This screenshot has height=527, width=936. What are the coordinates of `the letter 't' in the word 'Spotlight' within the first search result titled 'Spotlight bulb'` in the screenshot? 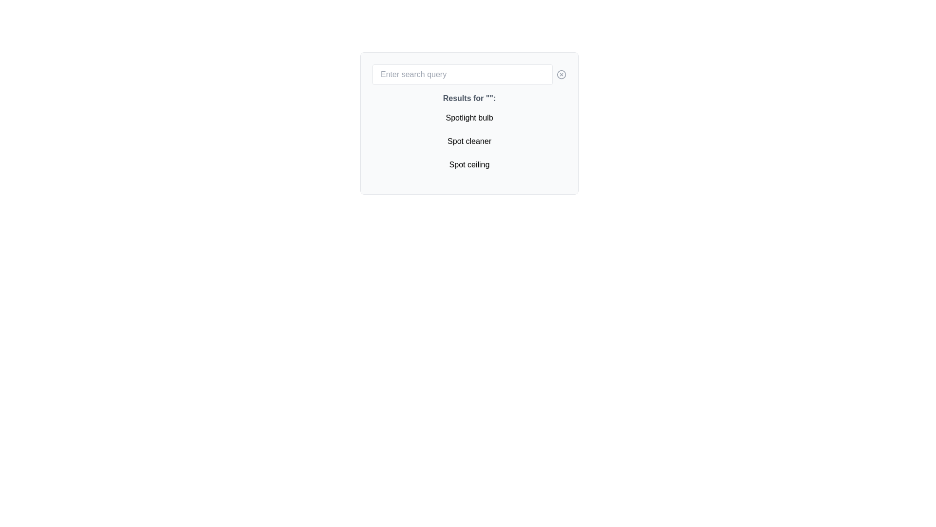 It's located at (460, 117).